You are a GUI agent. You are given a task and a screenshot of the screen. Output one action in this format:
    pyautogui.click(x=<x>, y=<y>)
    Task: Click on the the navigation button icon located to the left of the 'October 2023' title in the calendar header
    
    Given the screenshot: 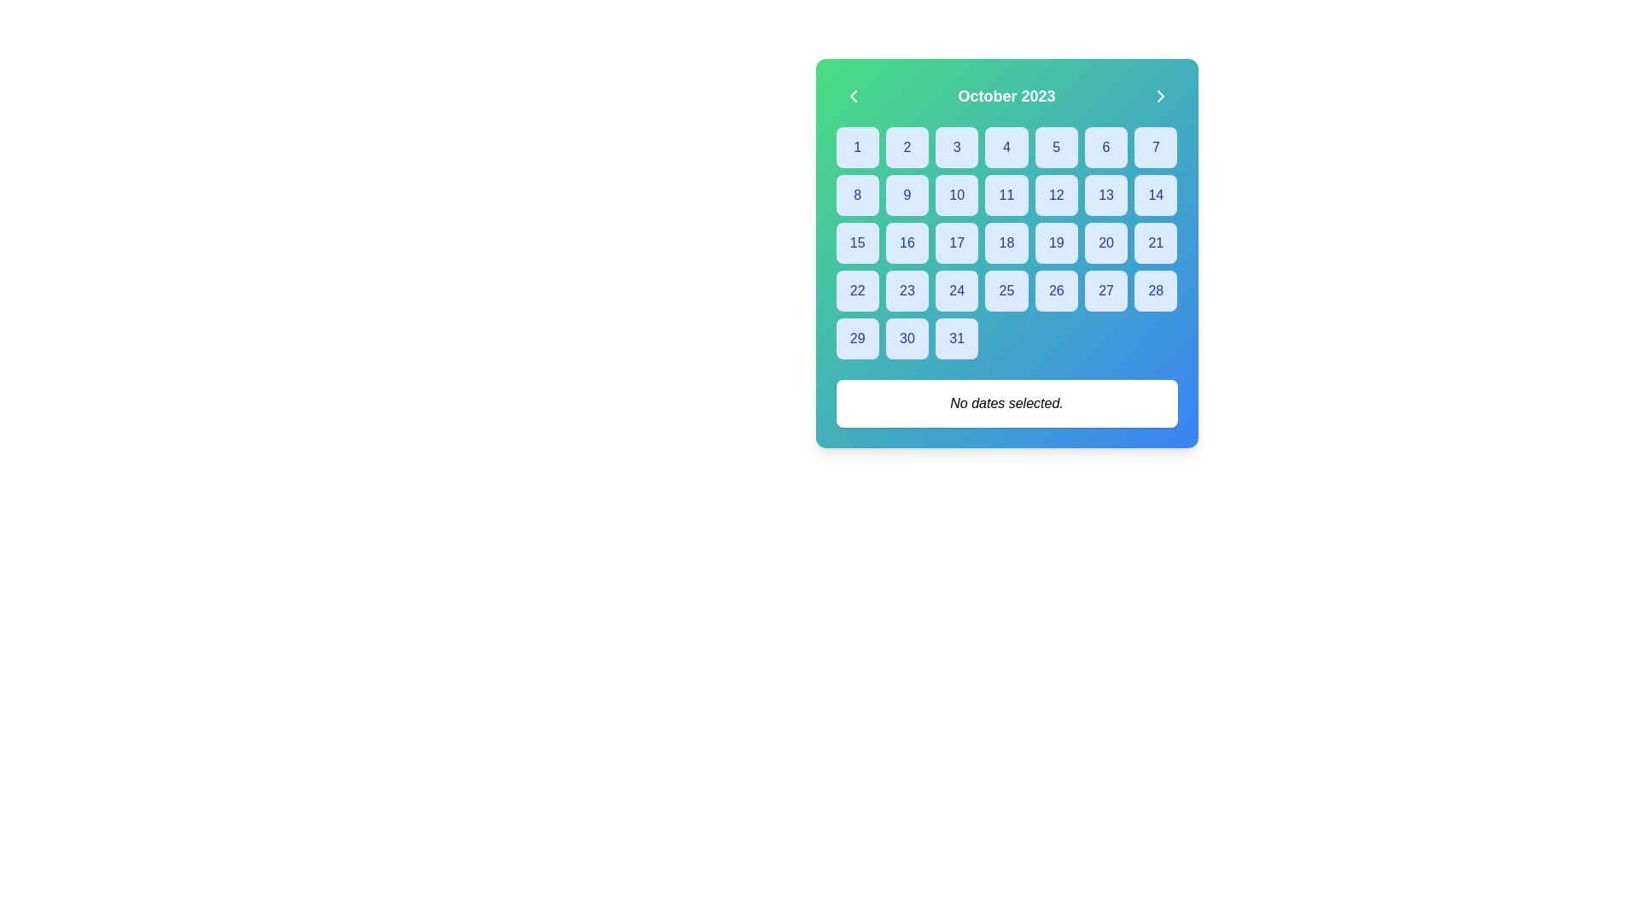 What is the action you would take?
    pyautogui.click(x=853, y=96)
    